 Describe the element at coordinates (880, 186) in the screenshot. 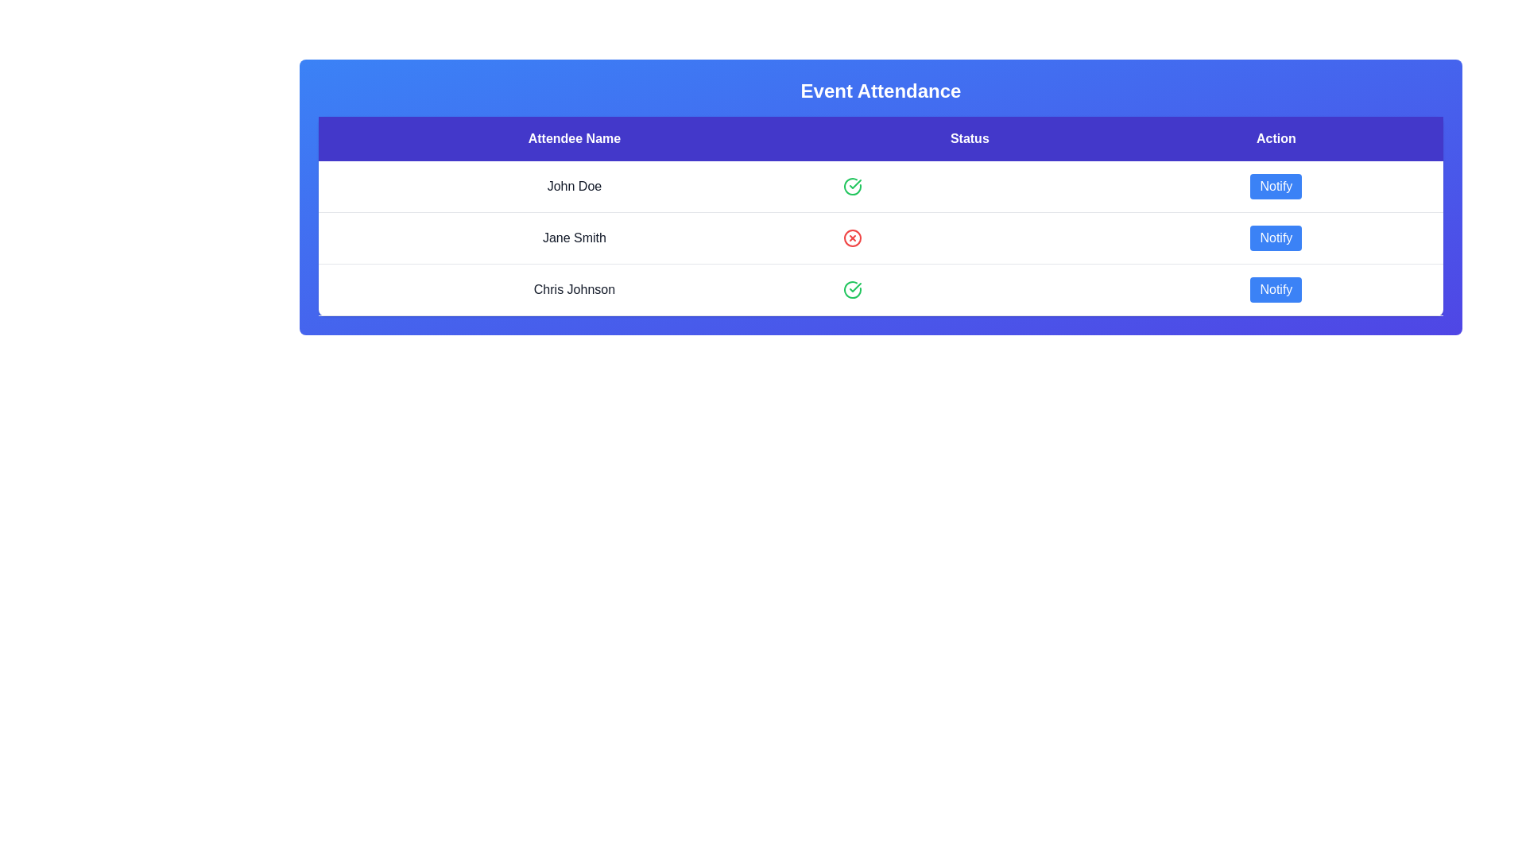

I see `the row corresponding to attendee John Doe` at that location.